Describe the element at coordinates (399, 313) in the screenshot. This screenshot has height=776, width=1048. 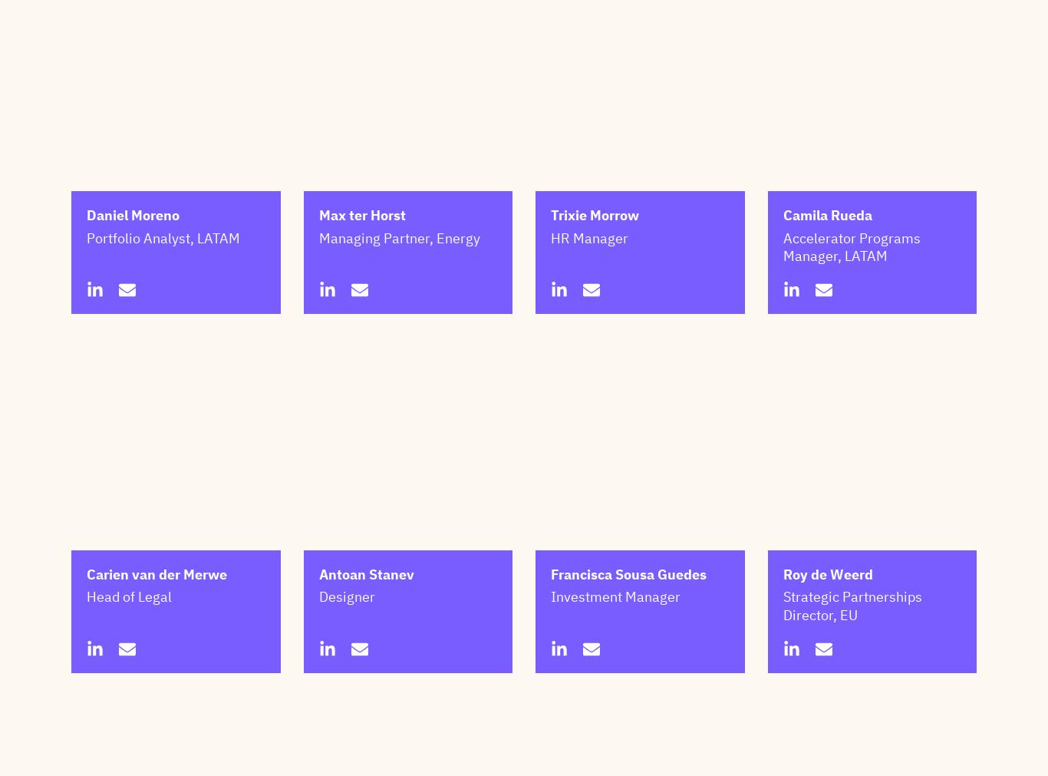
I see `'Managing Partner, Energy'` at that location.